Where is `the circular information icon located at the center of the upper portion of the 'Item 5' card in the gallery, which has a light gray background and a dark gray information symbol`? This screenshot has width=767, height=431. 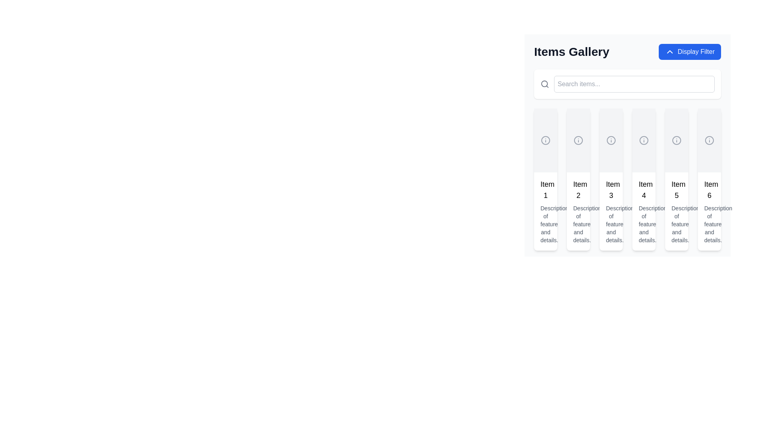
the circular information icon located at the center of the upper portion of the 'Item 5' card in the gallery, which has a light gray background and a dark gray information symbol is located at coordinates (676, 140).